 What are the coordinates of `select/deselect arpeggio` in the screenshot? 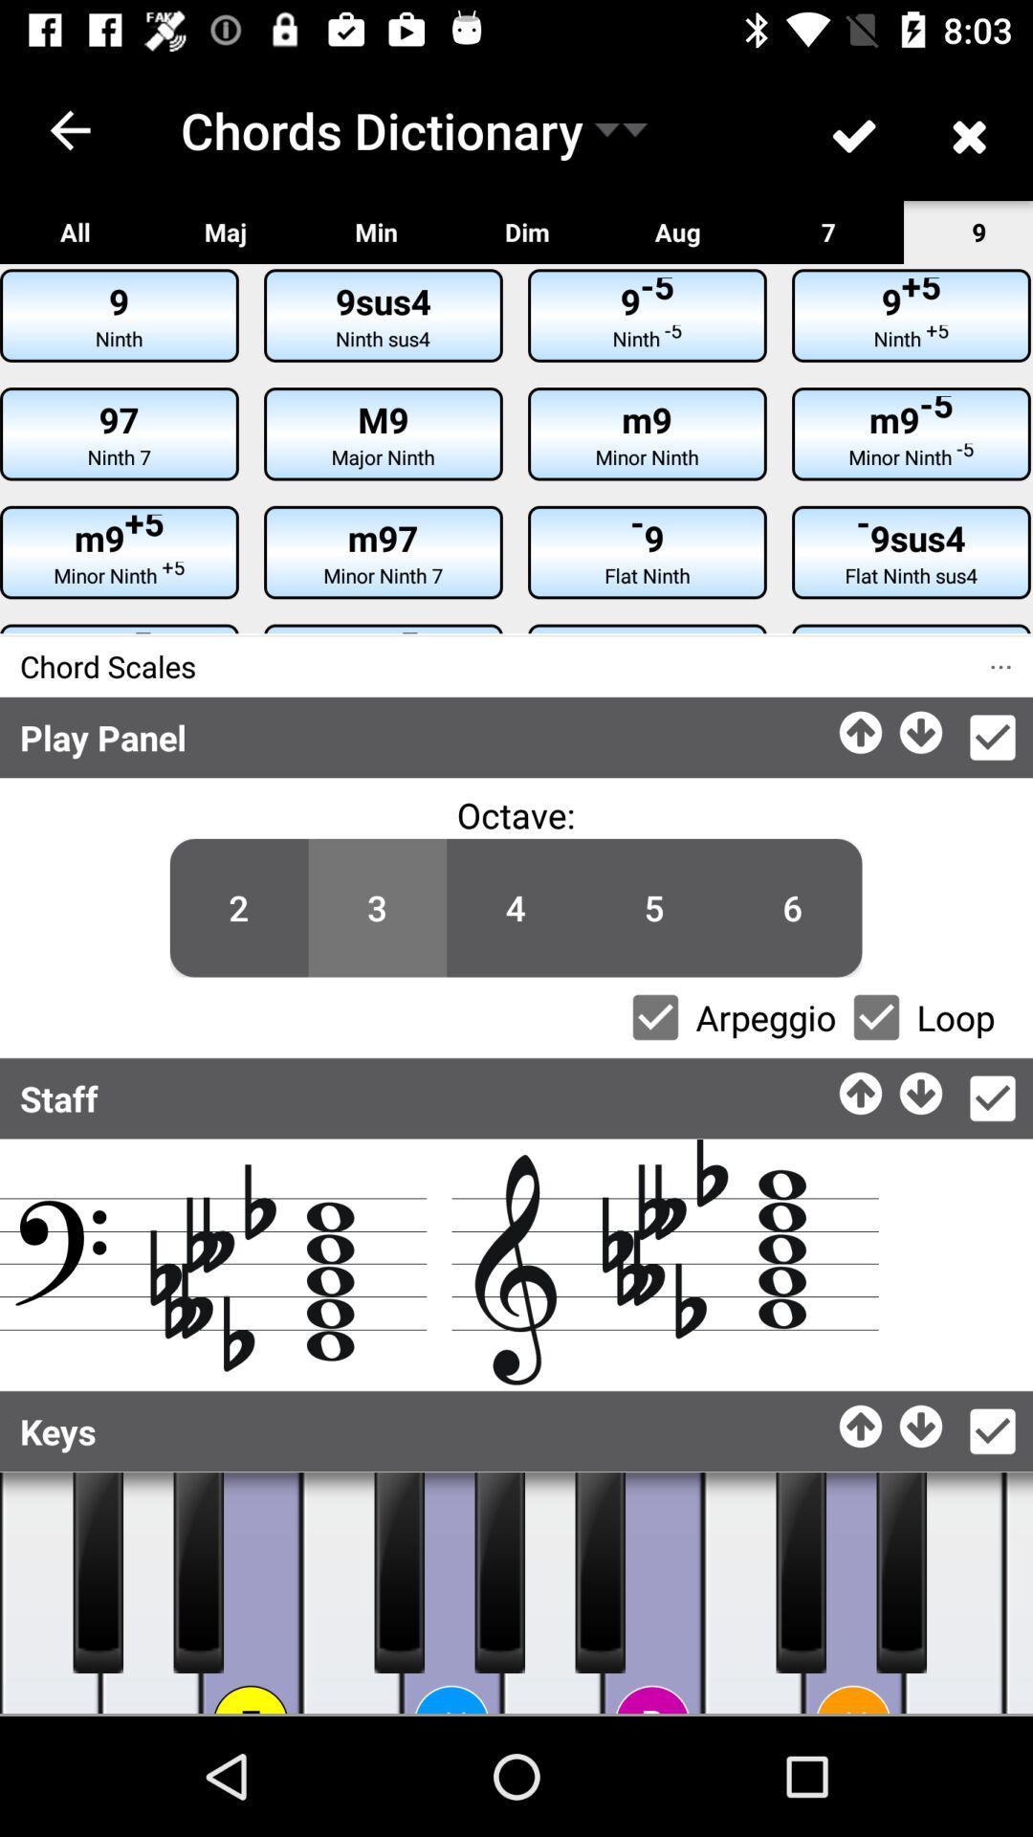 It's located at (654, 1016).